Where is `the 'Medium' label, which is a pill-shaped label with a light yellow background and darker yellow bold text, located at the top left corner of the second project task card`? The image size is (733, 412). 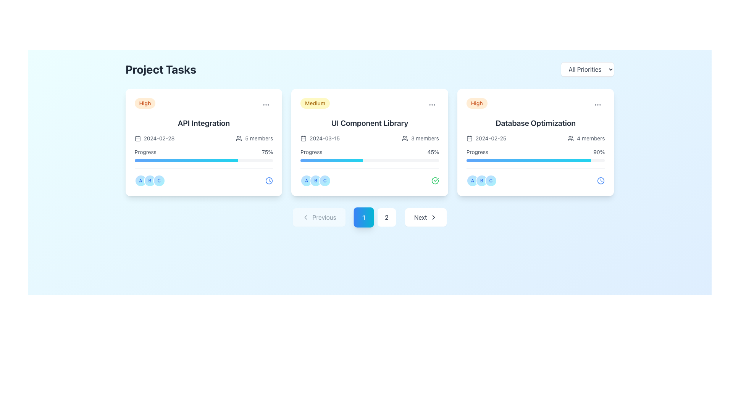
the 'Medium' label, which is a pill-shaped label with a light yellow background and darker yellow bold text, located at the top left corner of the second project task card is located at coordinates (315, 103).